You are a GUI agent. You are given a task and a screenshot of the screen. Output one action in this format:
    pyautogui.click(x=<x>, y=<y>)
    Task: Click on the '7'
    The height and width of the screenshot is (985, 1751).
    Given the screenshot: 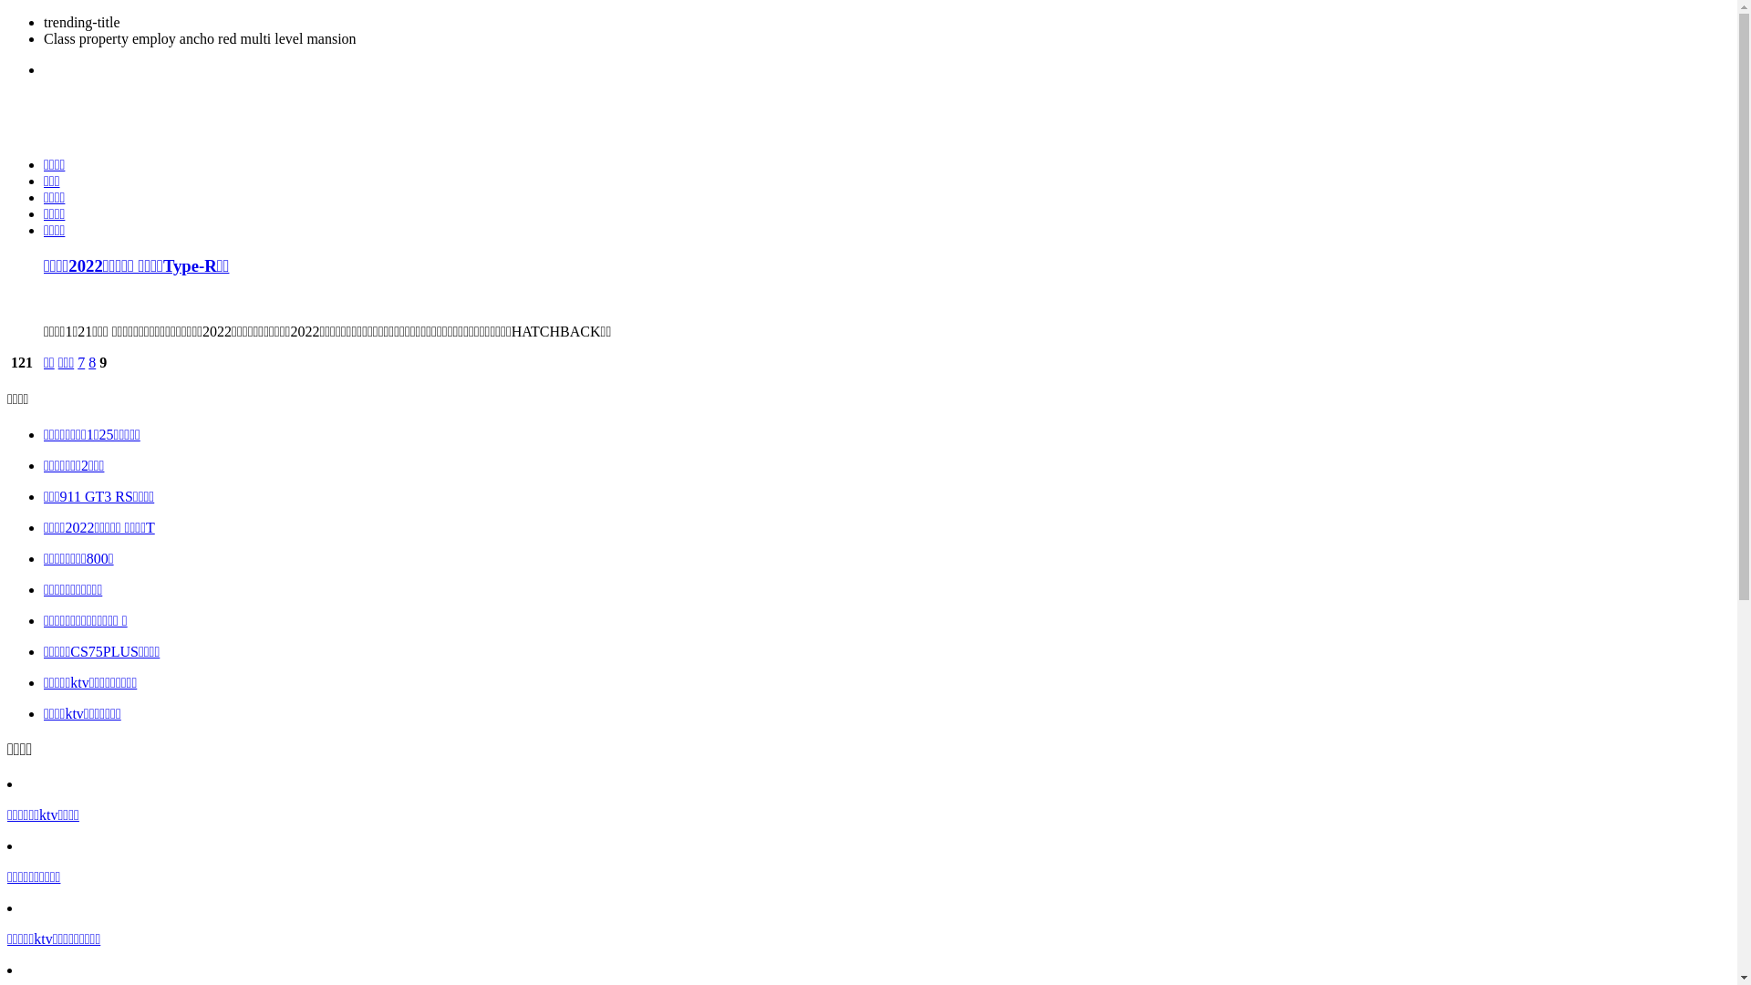 What is the action you would take?
    pyautogui.click(x=77, y=362)
    